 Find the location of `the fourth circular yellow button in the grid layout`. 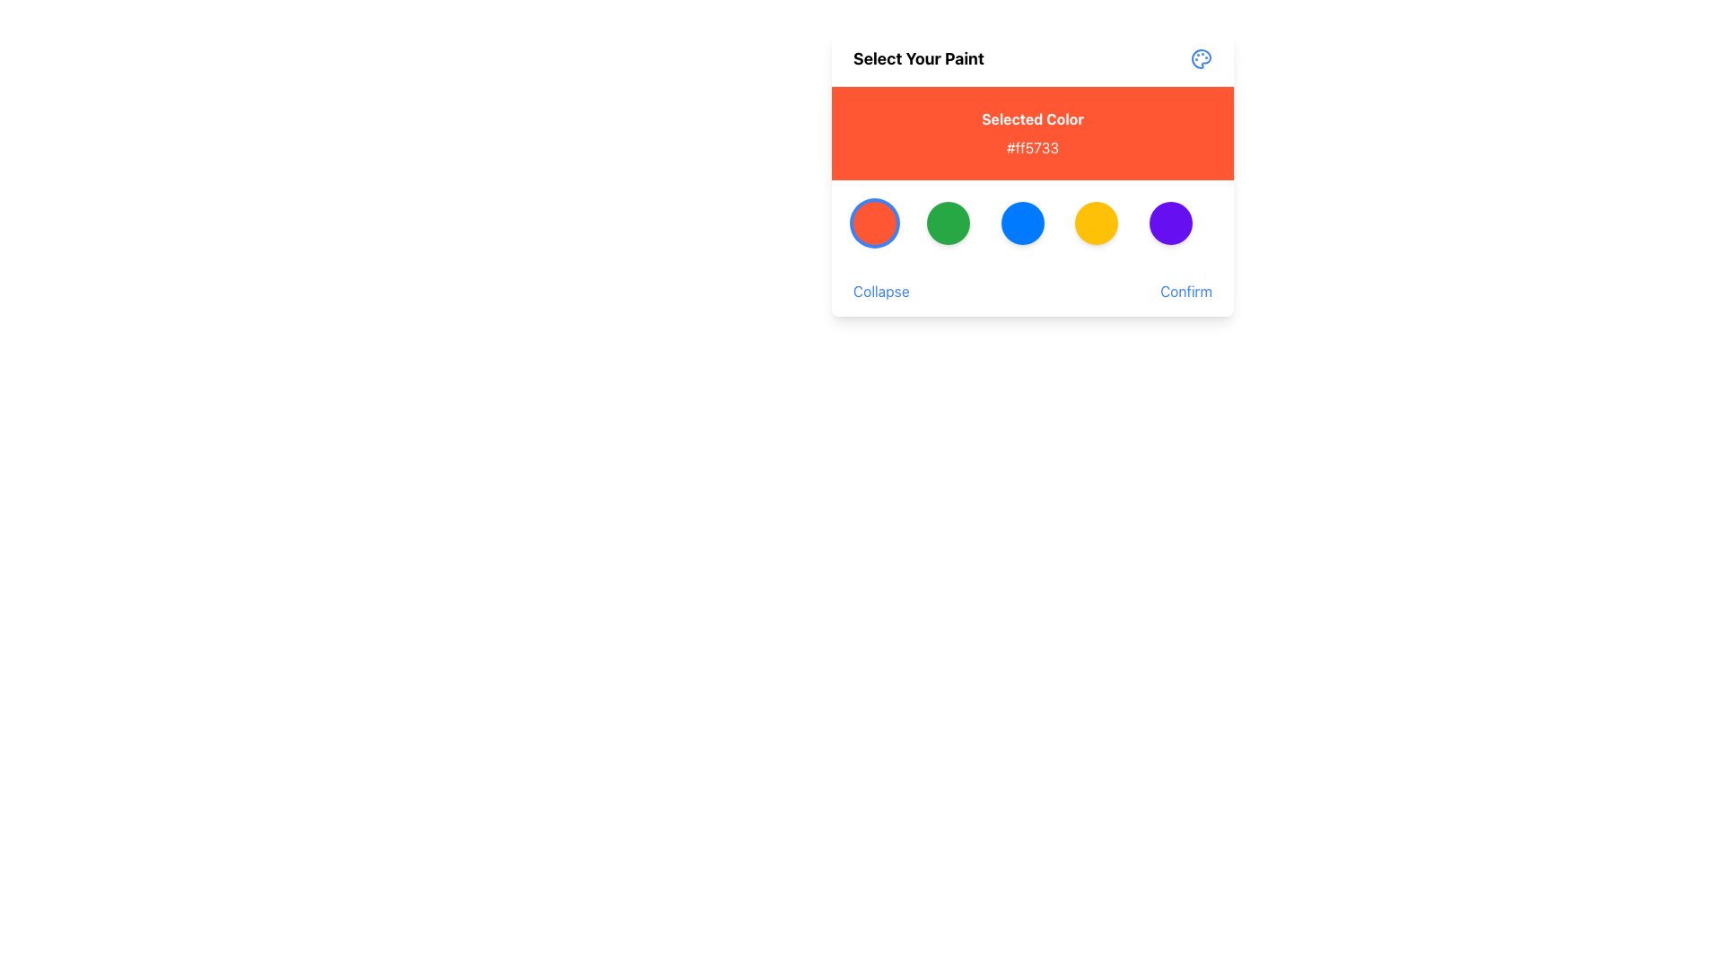

the fourth circular yellow button in the grid layout is located at coordinates (1096, 223).